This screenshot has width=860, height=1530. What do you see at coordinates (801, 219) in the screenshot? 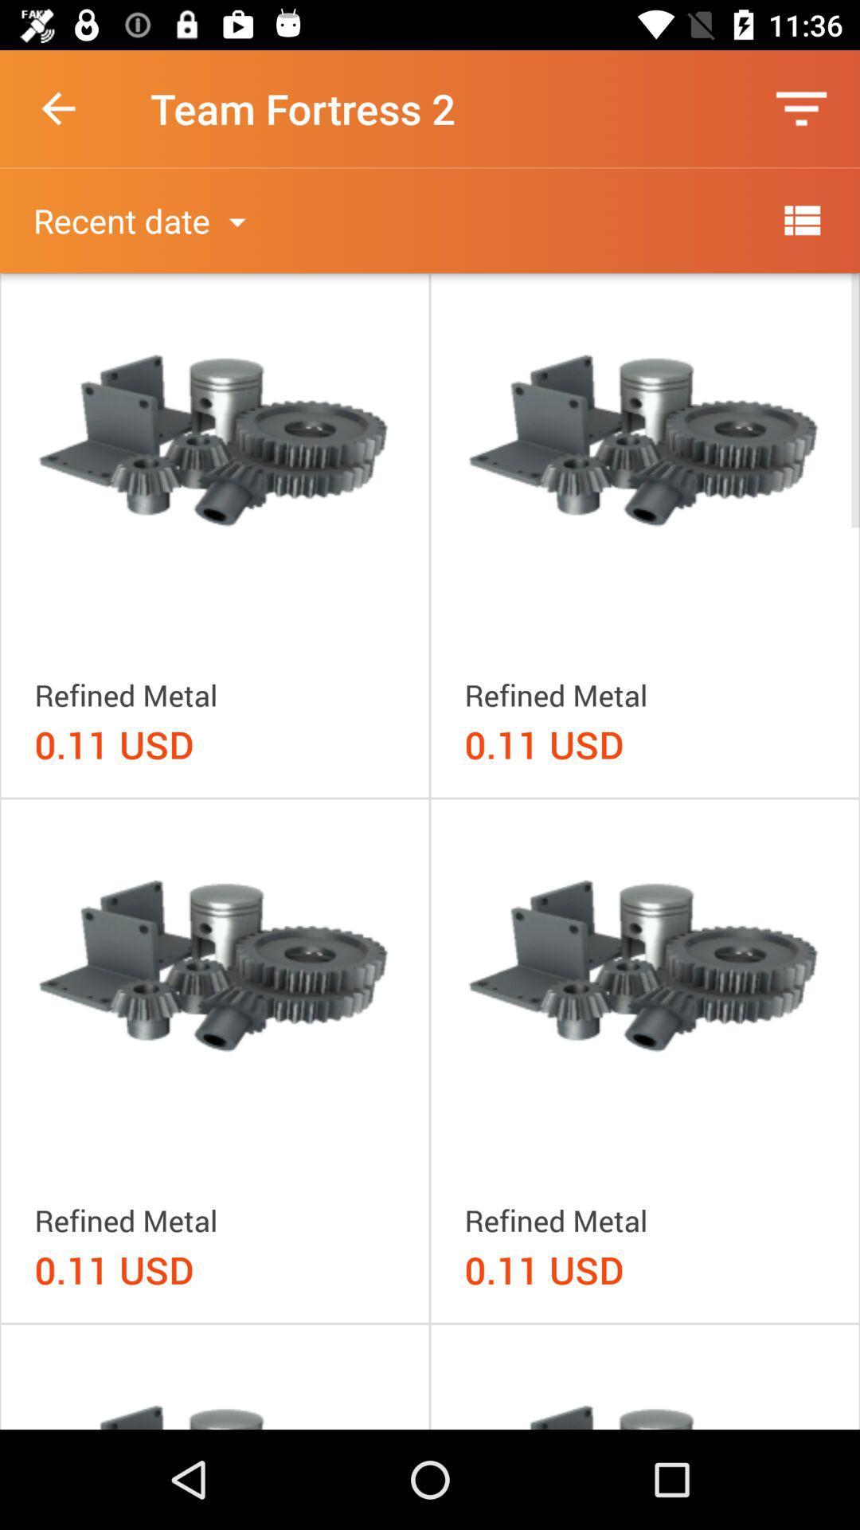
I see `expand menu` at bounding box center [801, 219].